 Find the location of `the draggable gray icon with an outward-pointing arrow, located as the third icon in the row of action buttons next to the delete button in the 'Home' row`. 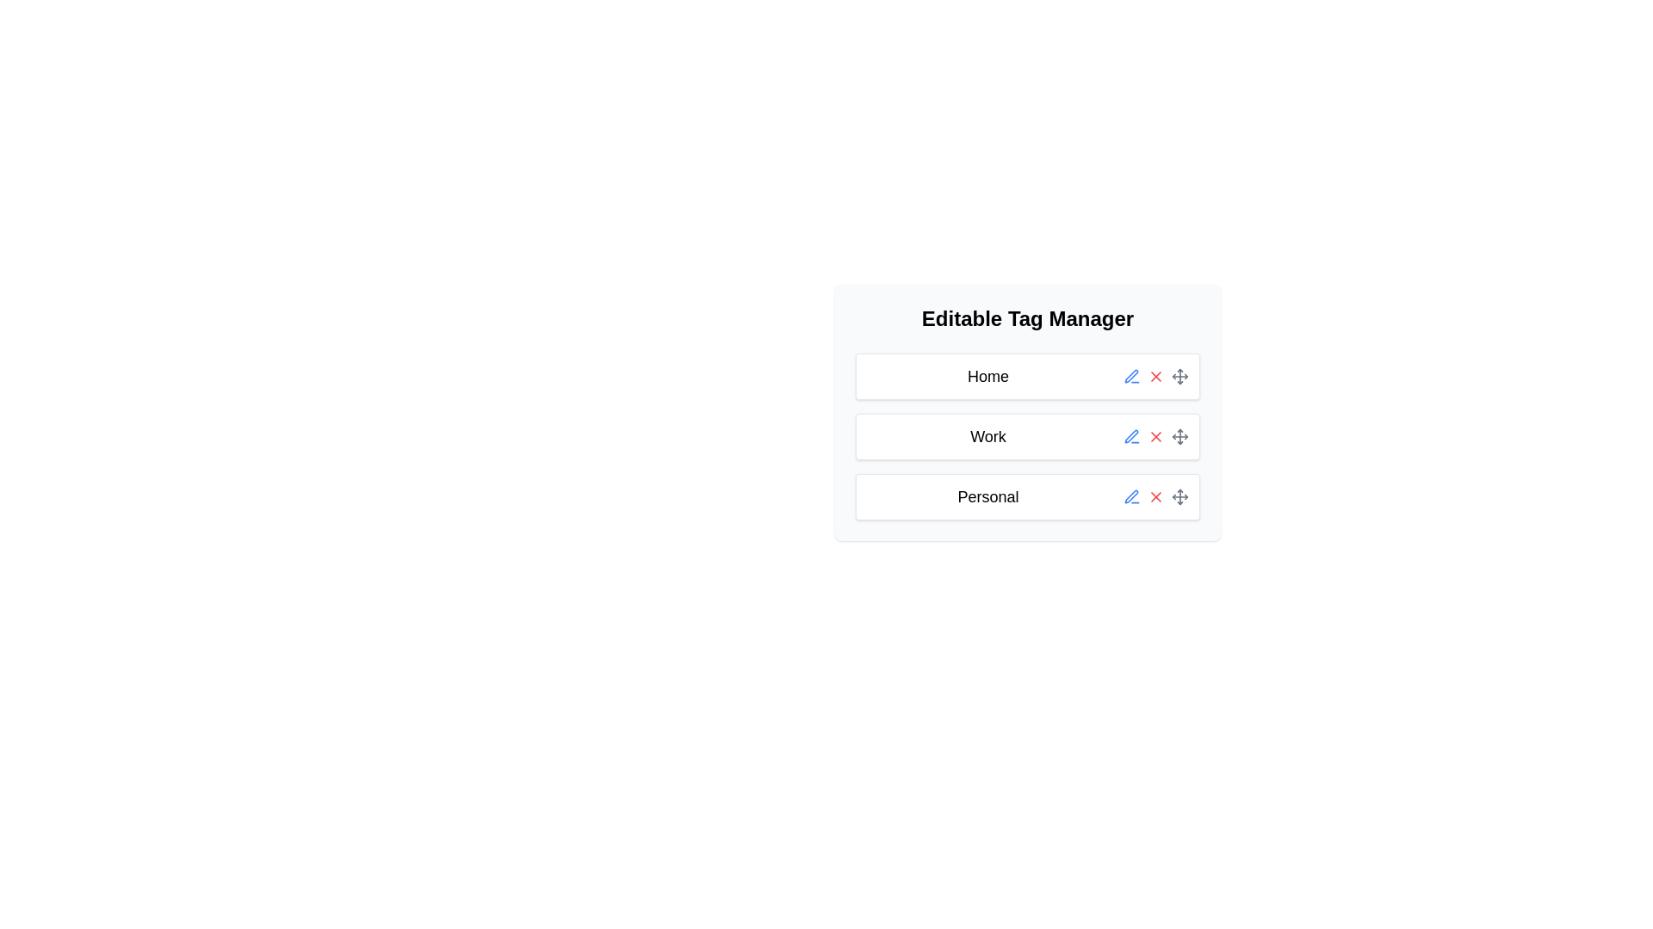

the draggable gray icon with an outward-pointing arrow, located as the third icon in the row of action buttons next to the delete button in the 'Home' row is located at coordinates (1179, 376).